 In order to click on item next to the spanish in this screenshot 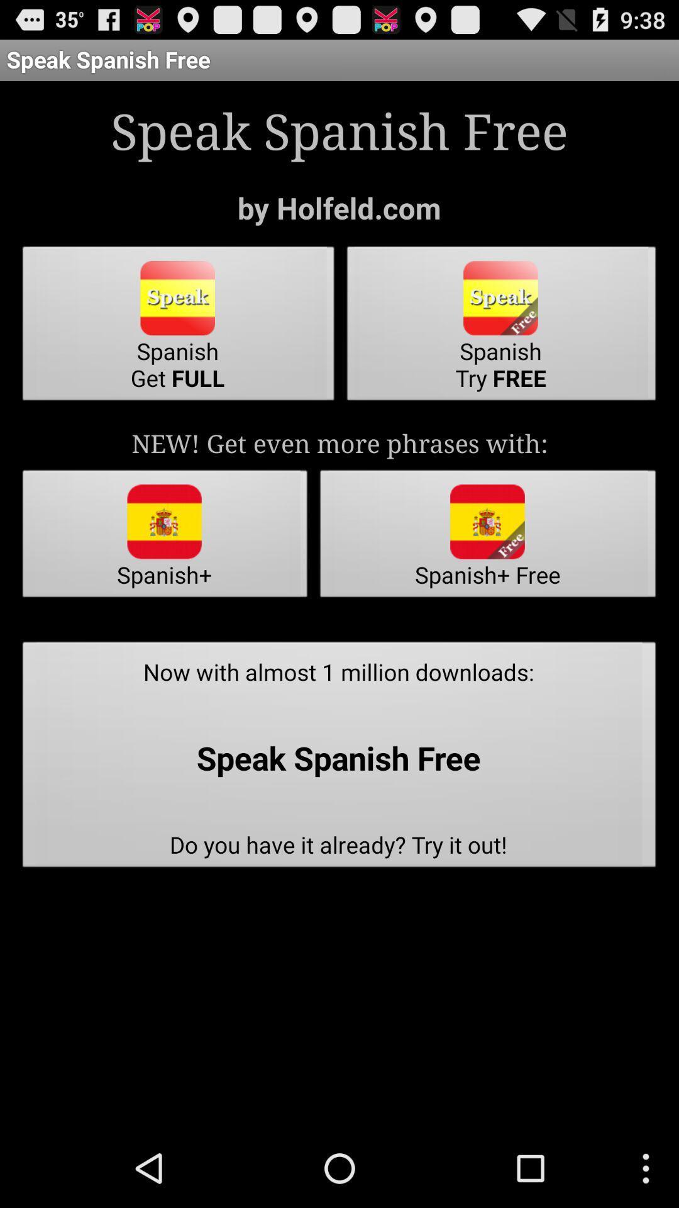, I will do `click(179, 327)`.